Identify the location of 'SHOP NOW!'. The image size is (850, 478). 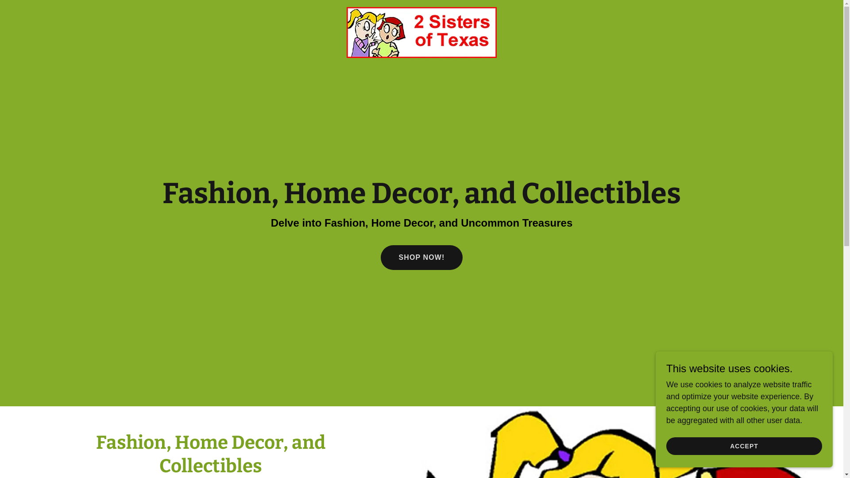
(421, 258).